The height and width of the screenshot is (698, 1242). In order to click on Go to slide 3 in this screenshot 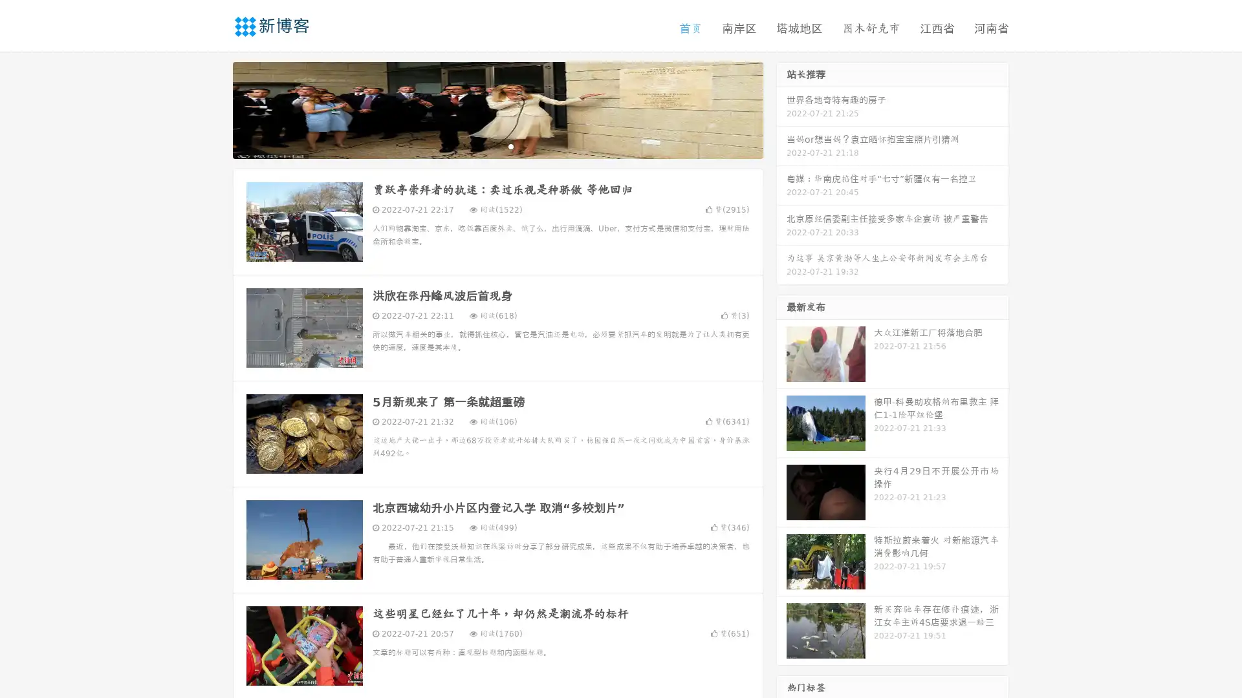, I will do `click(510, 145)`.